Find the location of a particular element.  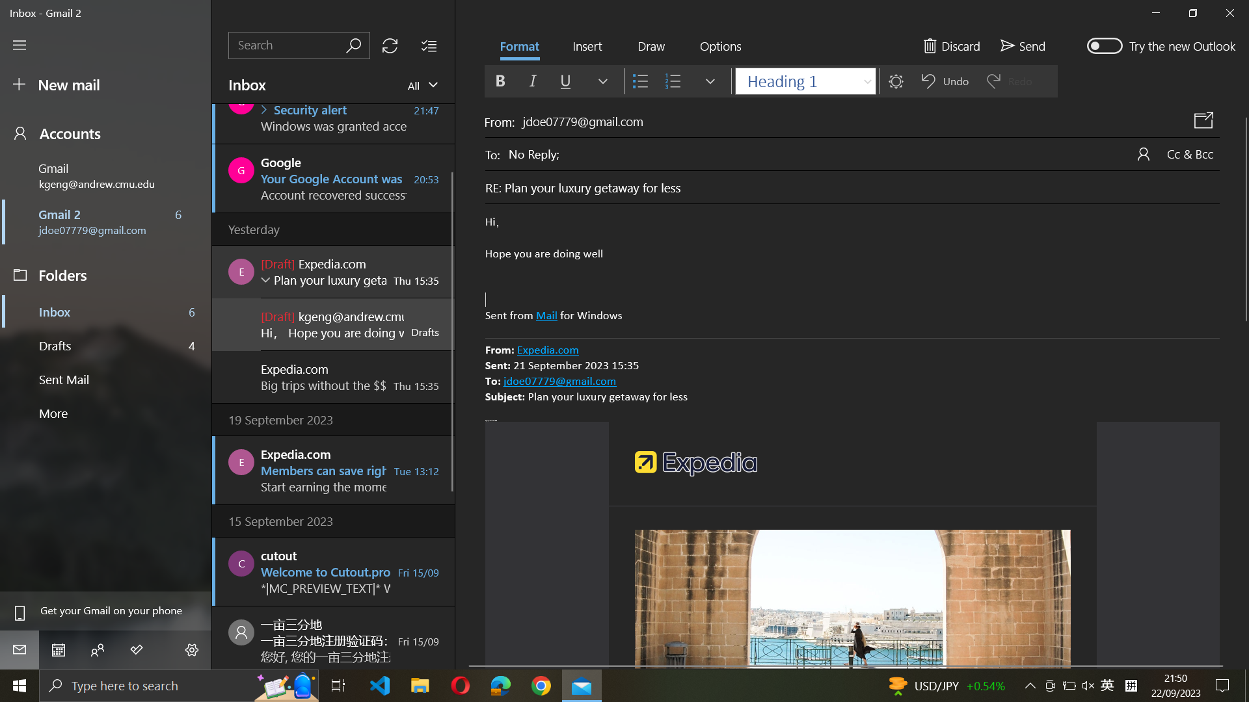

Change the recipient of the email to "xyz@example.com is located at coordinates (864, 152).